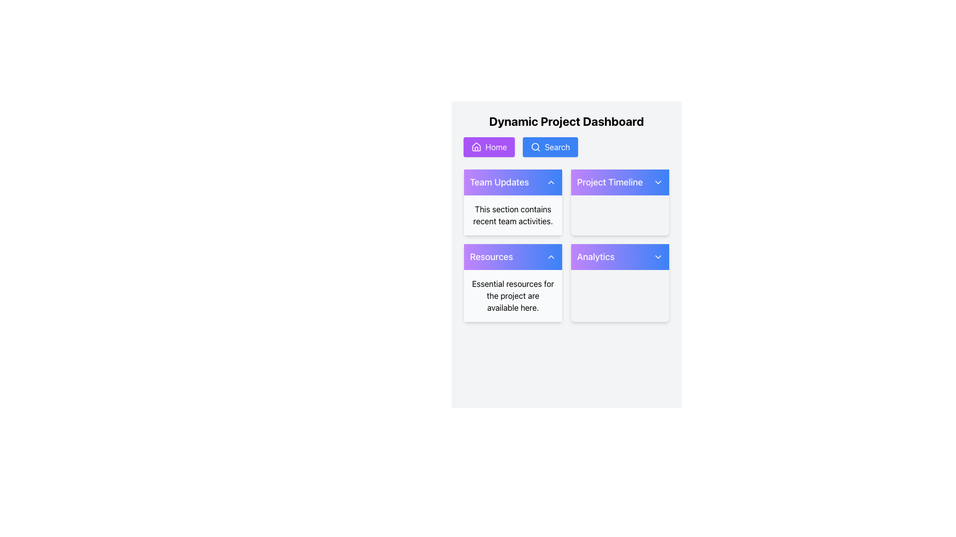 The image size is (956, 537). What do you see at coordinates (619, 182) in the screenshot?
I see `the 'Project Timeline' collapsible header button, which features a gradient background from purple to blue and contains the text 'Project Timeline' in white with a downward-facing chevron icon` at bounding box center [619, 182].